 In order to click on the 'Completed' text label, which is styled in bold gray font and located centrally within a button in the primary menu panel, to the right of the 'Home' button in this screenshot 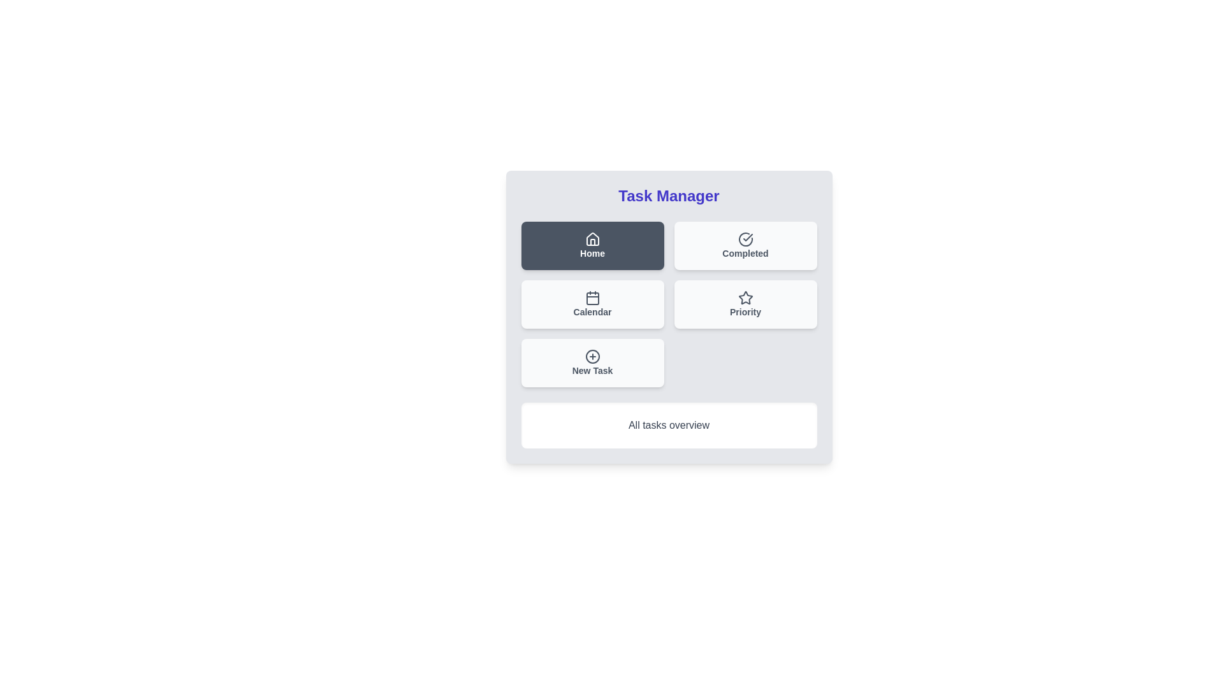, I will do `click(745, 253)`.